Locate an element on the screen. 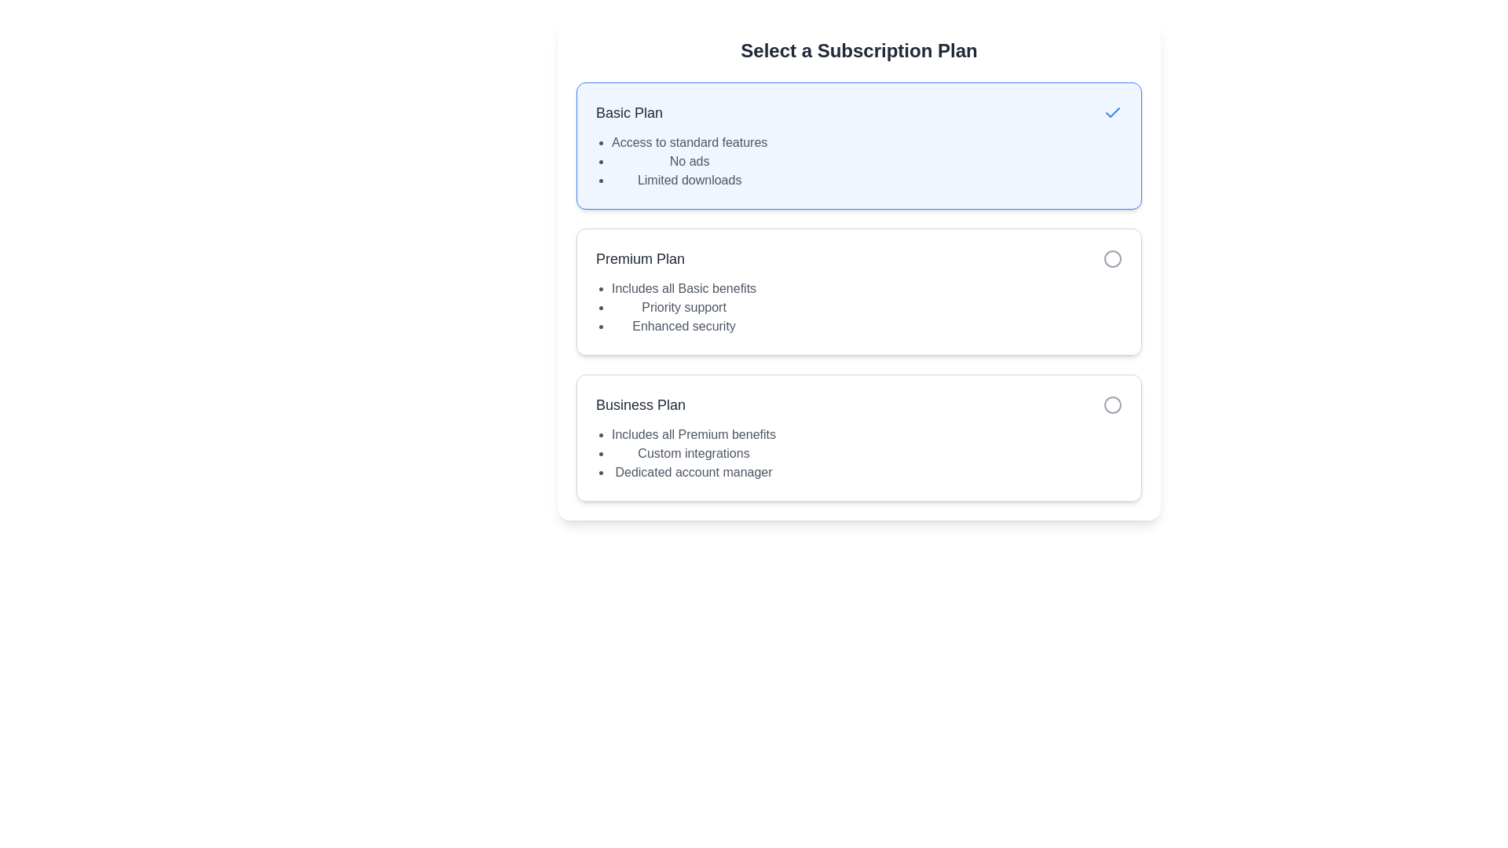  the unselected radio button for the 'Business Plan' option is located at coordinates (1111, 404).